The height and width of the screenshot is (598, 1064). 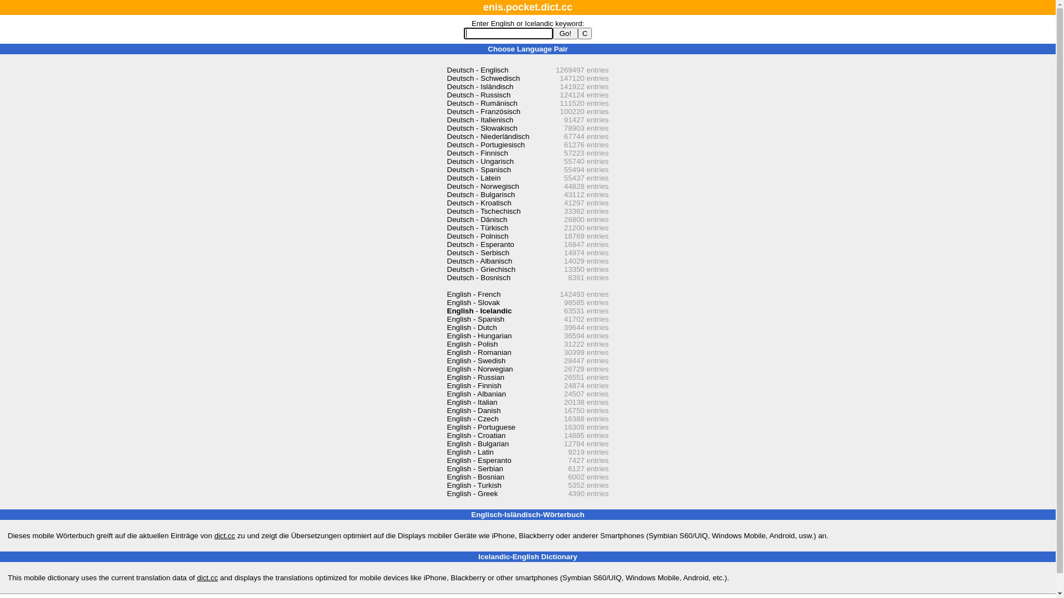 I want to click on 'English - Hungarian', so click(x=479, y=335).